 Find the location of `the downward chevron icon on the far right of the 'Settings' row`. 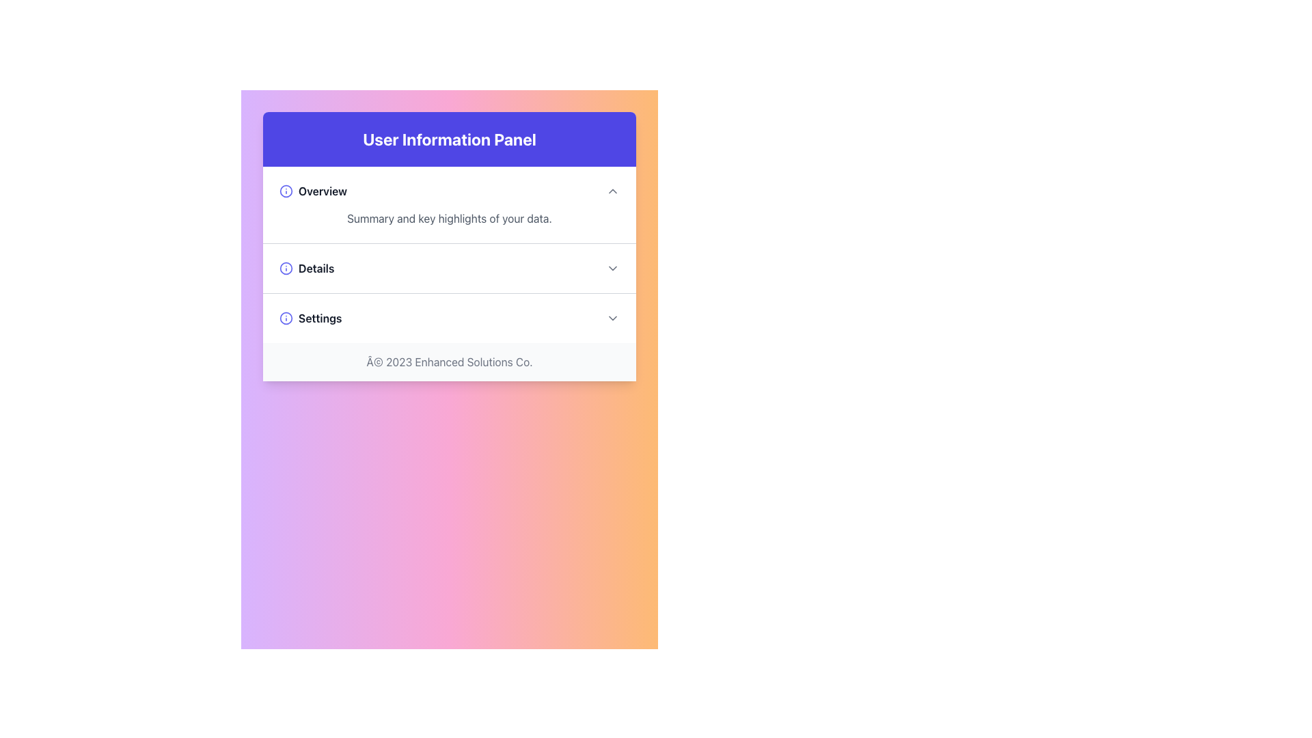

the downward chevron icon on the far right of the 'Settings' row is located at coordinates (612, 318).